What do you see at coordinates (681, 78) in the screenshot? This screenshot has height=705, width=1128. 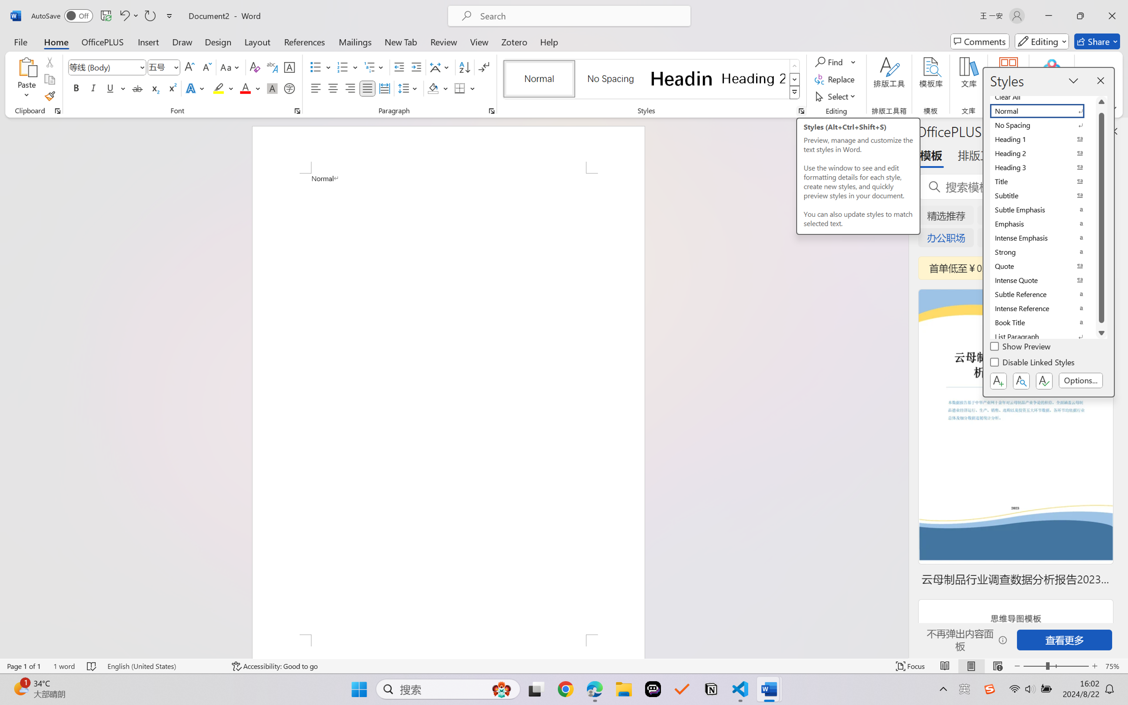 I see `'Heading 1'` at bounding box center [681, 78].